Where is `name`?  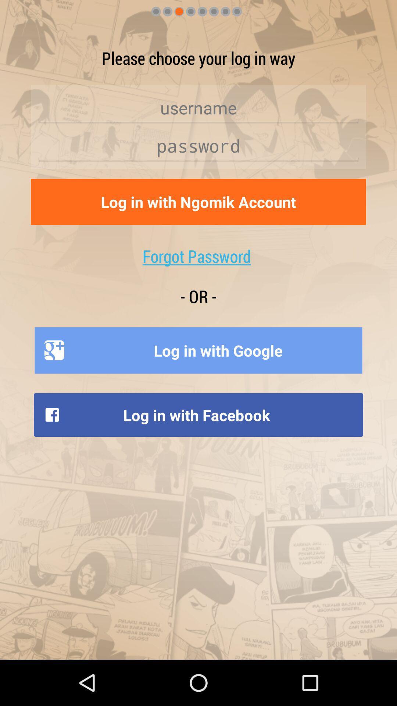 name is located at coordinates (198, 107).